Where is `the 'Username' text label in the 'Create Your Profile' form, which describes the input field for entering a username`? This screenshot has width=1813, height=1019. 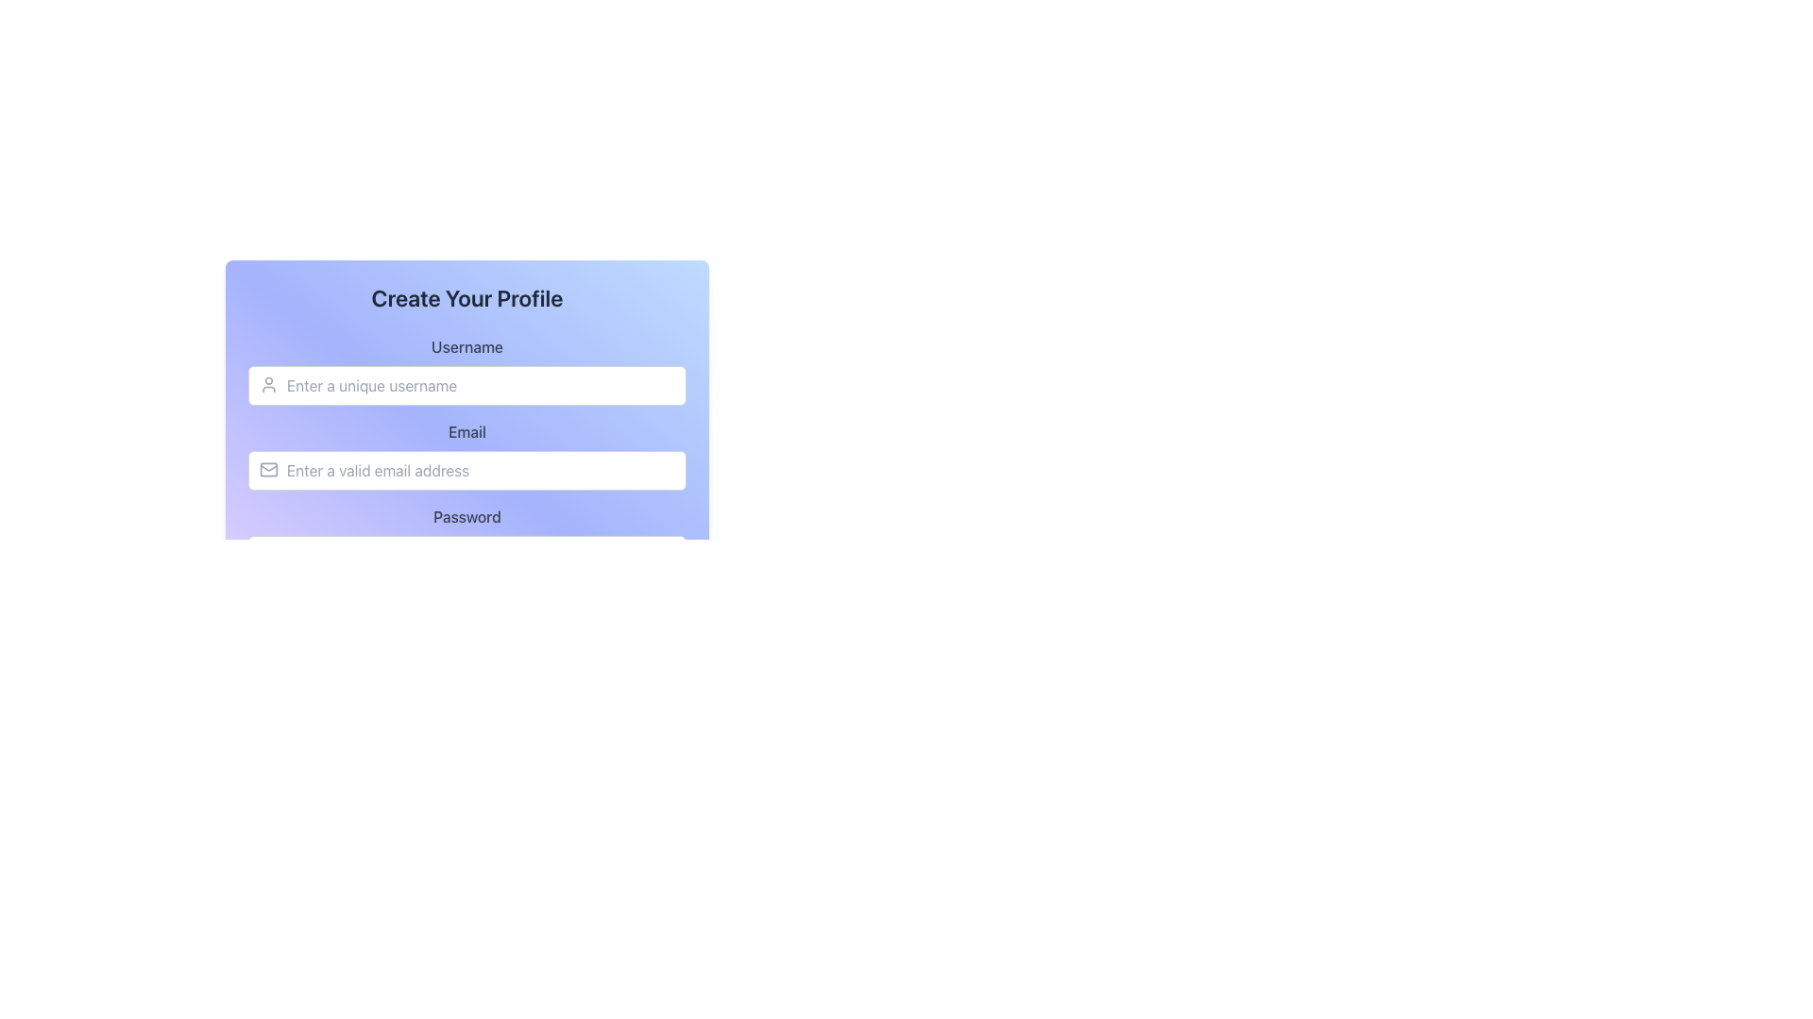 the 'Username' text label in the 'Create Your Profile' form, which describes the input field for entering a username is located at coordinates (466, 371).